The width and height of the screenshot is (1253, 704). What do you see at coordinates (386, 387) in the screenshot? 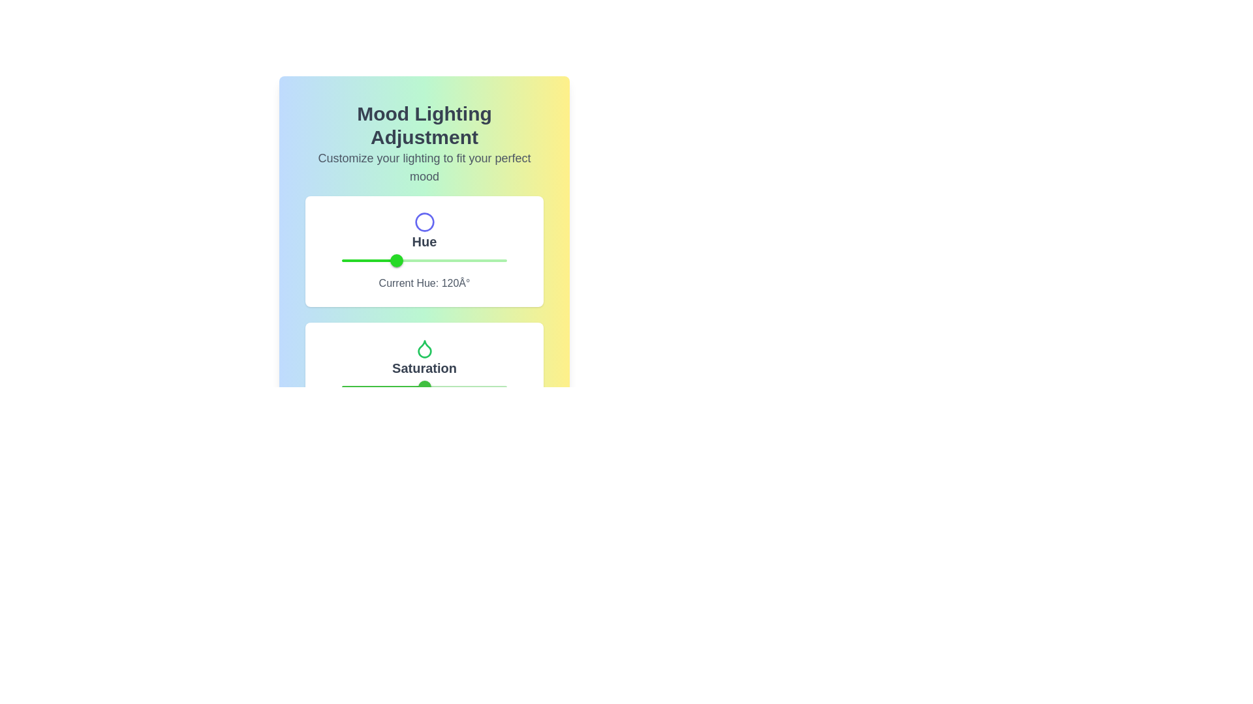
I see `the slider` at bounding box center [386, 387].